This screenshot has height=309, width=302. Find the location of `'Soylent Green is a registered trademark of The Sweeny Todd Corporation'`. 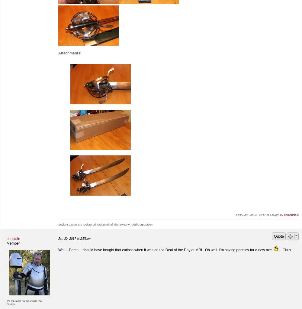

'Soylent Green is a registered trademark of The Sweeny Todd Corporation' is located at coordinates (58, 224).